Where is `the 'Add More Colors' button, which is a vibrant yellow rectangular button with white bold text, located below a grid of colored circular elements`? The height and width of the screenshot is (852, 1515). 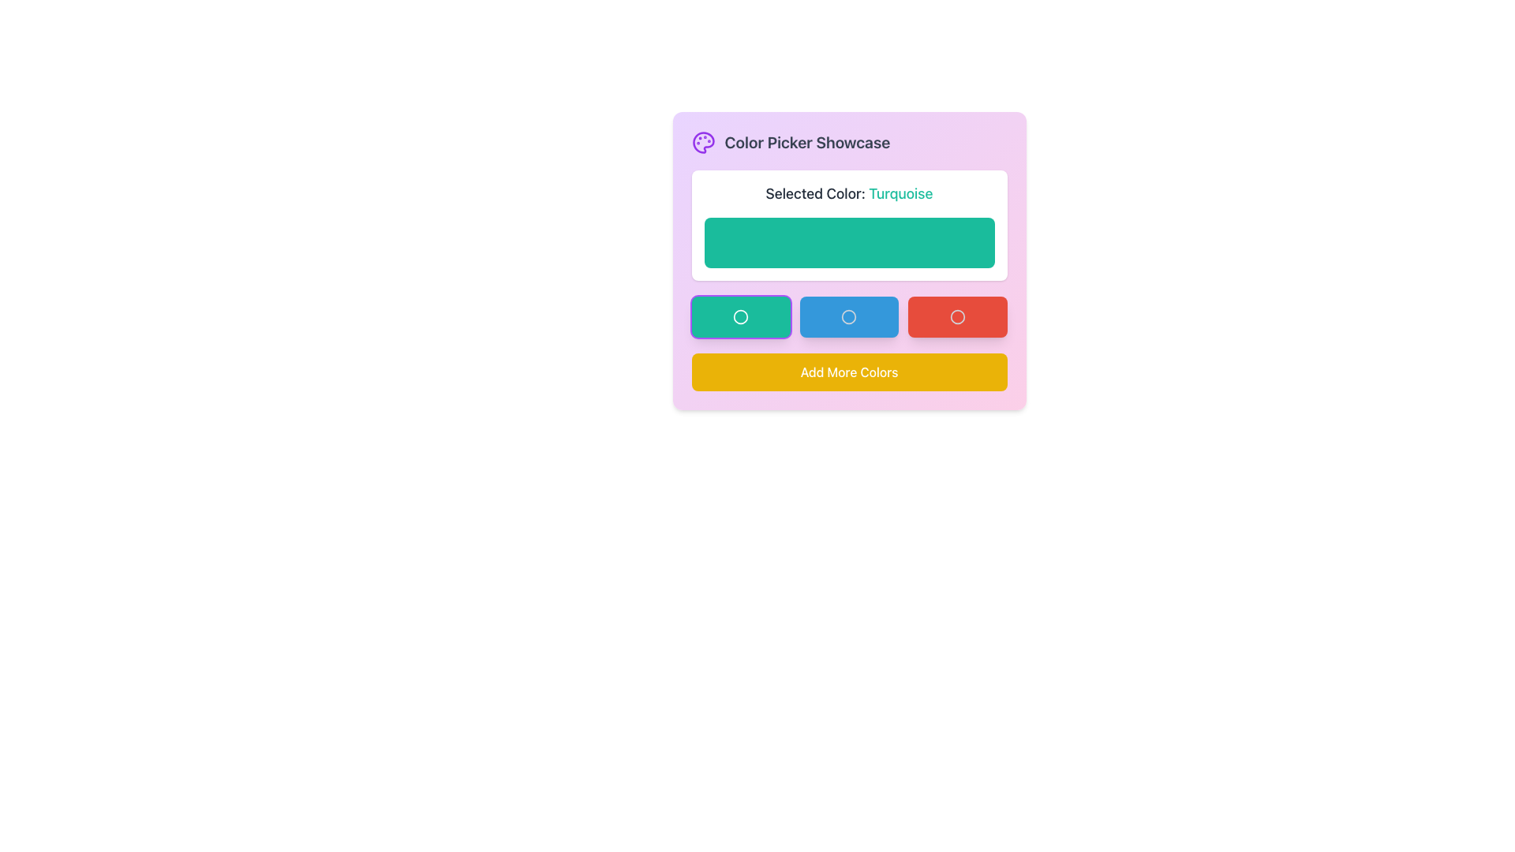
the 'Add More Colors' button, which is a vibrant yellow rectangular button with white bold text, located below a grid of colored circular elements is located at coordinates (848, 372).